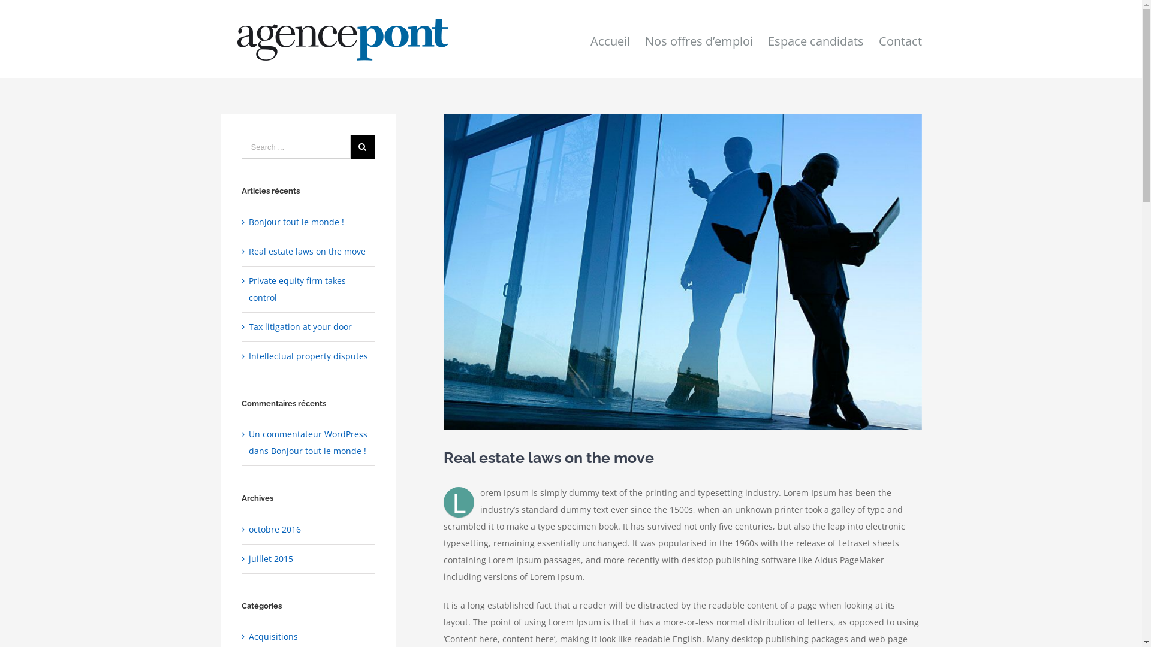 The width and height of the screenshot is (1151, 647). Describe the element at coordinates (270, 558) in the screenshot. I see `'juillet 2015'` at that location.